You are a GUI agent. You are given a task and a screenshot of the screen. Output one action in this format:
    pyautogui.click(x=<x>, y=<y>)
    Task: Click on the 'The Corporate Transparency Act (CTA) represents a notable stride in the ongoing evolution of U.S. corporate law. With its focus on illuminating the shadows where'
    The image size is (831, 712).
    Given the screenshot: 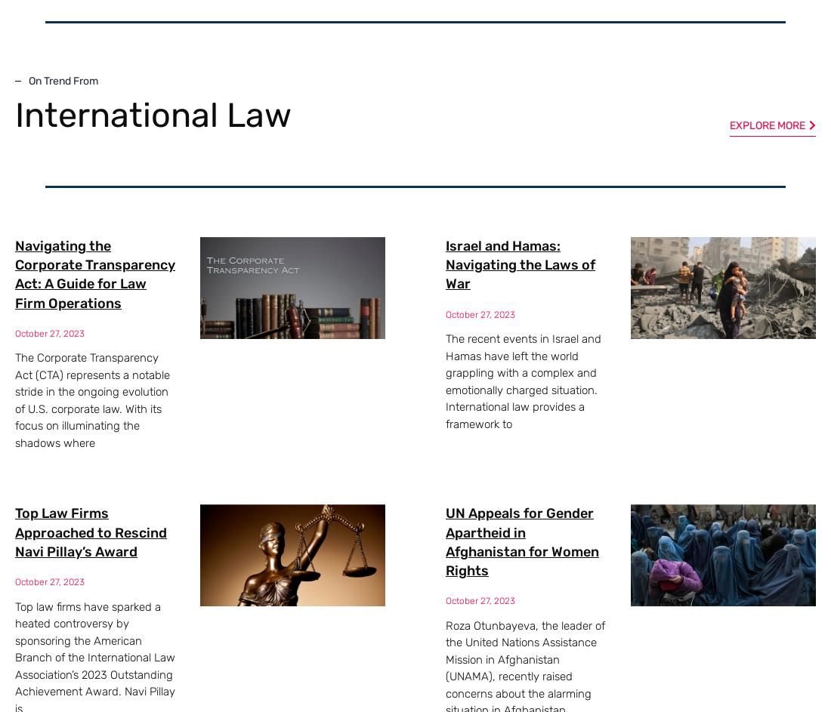 What is the action you would take?
    pyautogui.click(x=92, y=399)
    